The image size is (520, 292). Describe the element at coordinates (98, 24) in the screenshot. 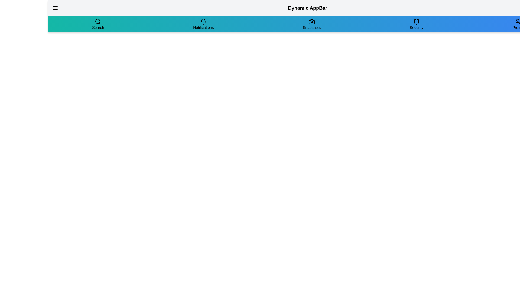

I see `the navigation item labeled Search` at that location.